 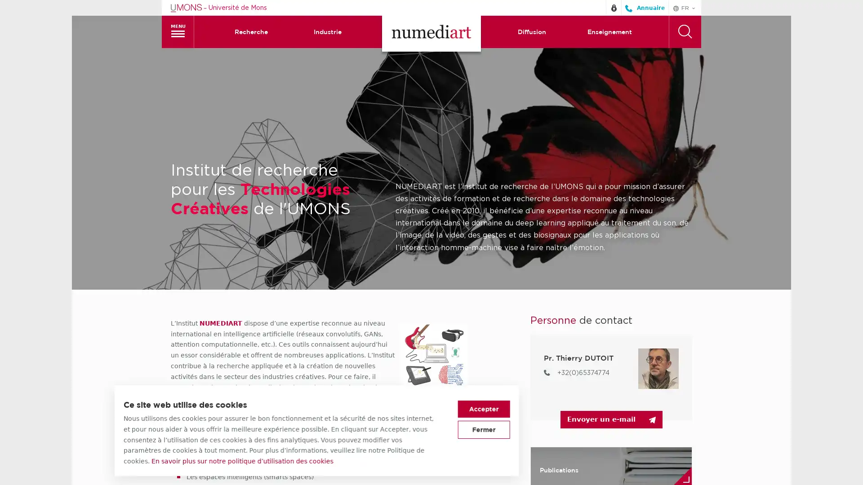 What do you see at coordinates (684, 7) in the screenshot?
I see `FR` at bounding box center [684, 7].